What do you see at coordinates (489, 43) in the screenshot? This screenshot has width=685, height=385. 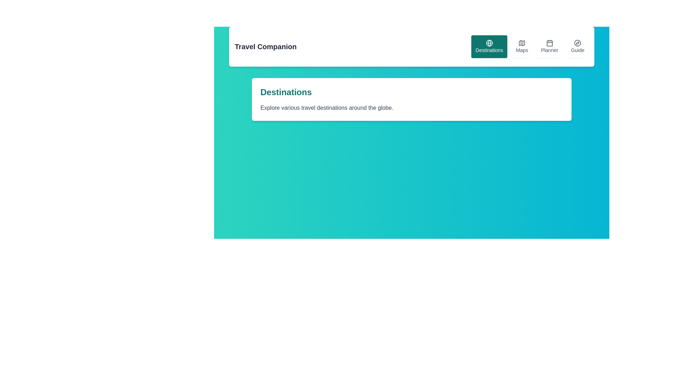 I see `the globe icon on the leftmost side of the navigation button labeled 'Destinations'` at bounding box center [489, 43].